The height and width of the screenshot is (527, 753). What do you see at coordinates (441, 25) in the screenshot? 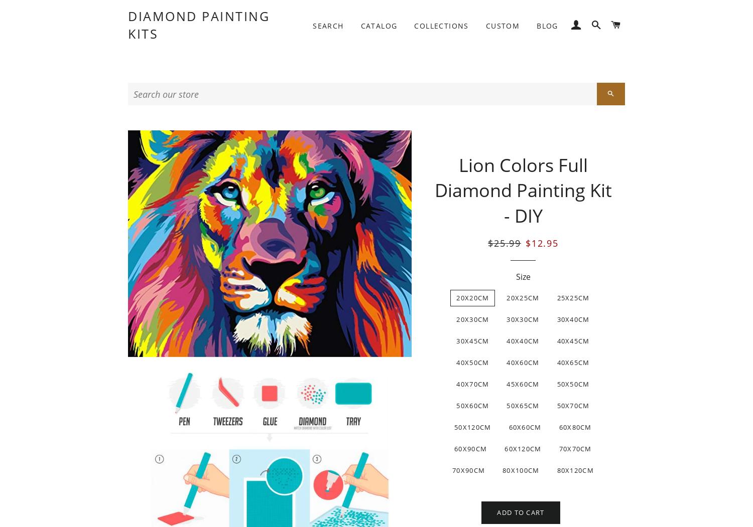
I see `'Collections'` at bounding box center [441, 25].